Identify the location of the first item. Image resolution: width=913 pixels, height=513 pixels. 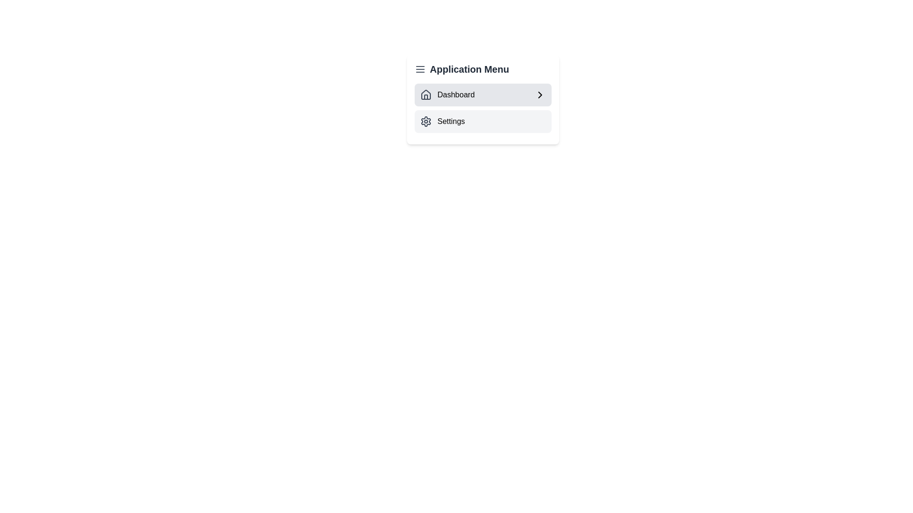
(483, 107).